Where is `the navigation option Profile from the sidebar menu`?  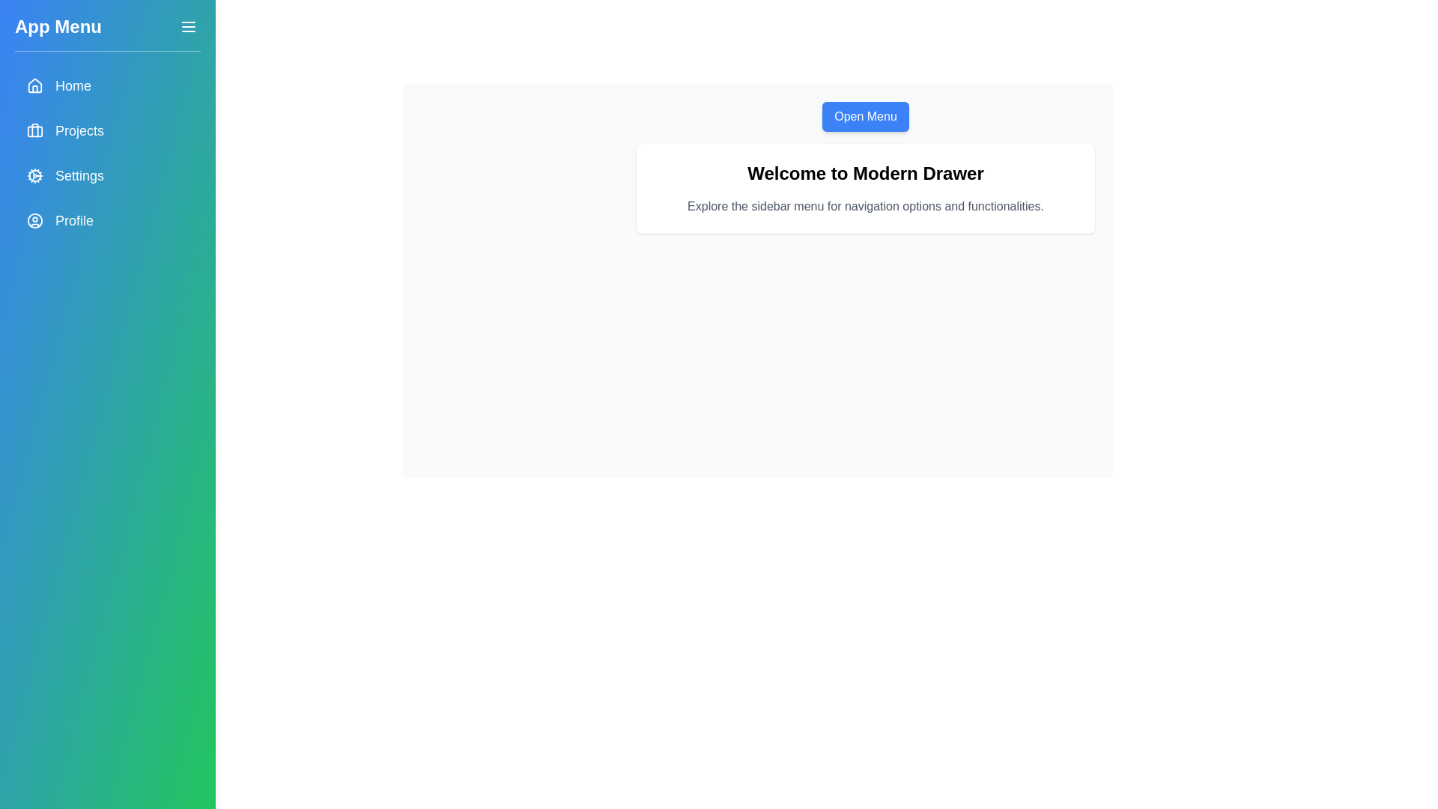
the navigation option Profile from the sidebar menu is located at coordinates (107, 220).